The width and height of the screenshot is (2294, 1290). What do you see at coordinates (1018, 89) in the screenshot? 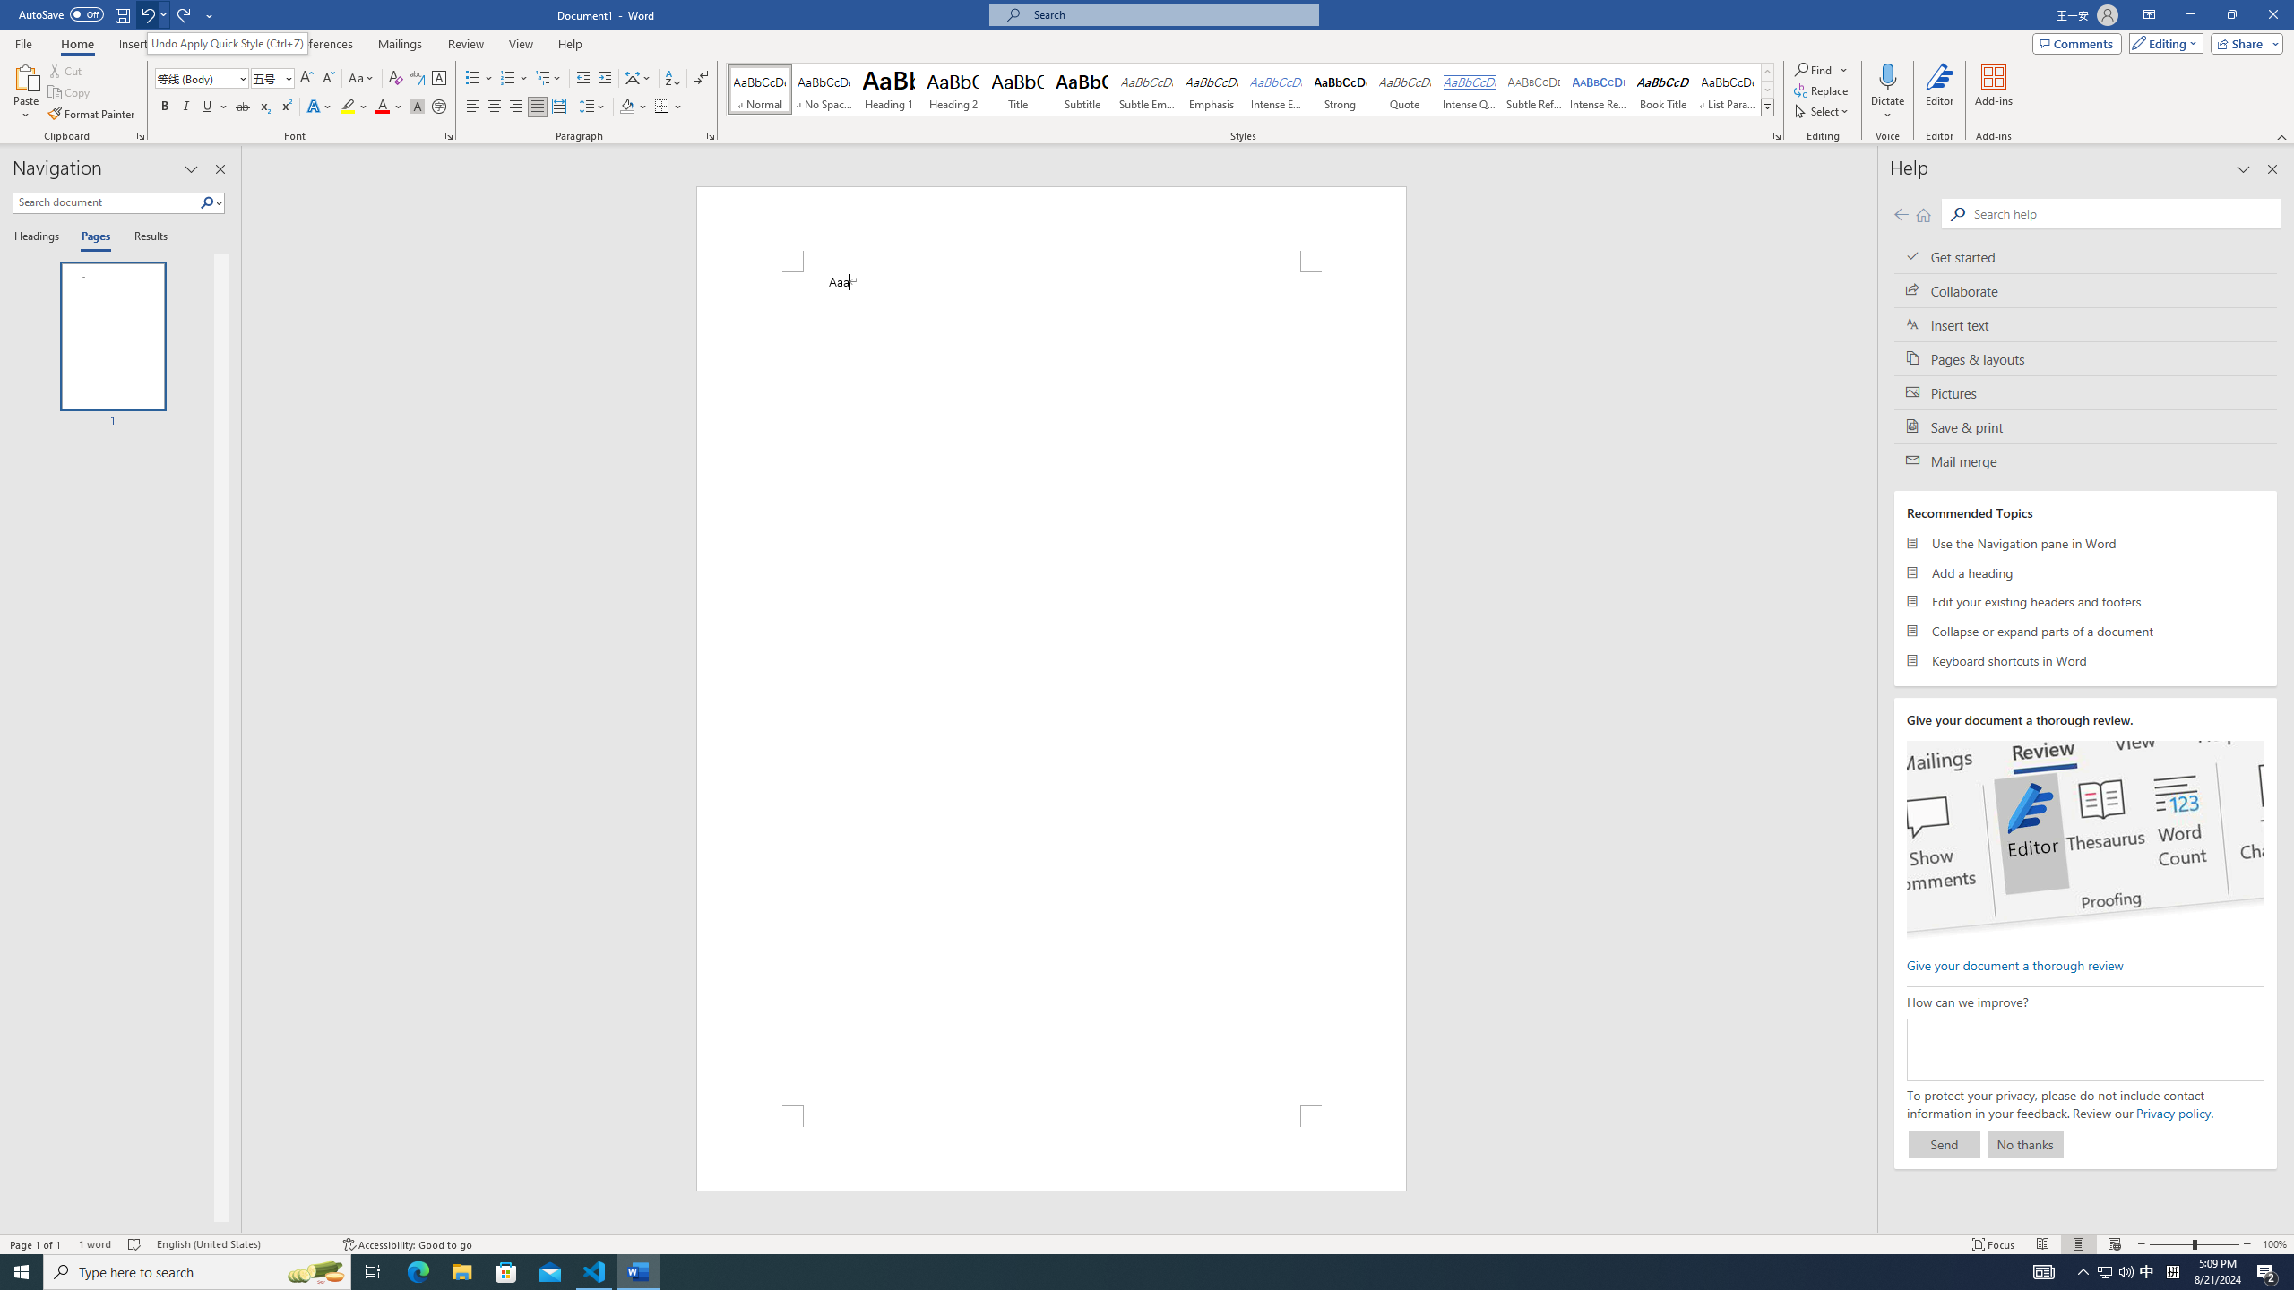
I see `'Title'` at bounding box center [1018, 89].